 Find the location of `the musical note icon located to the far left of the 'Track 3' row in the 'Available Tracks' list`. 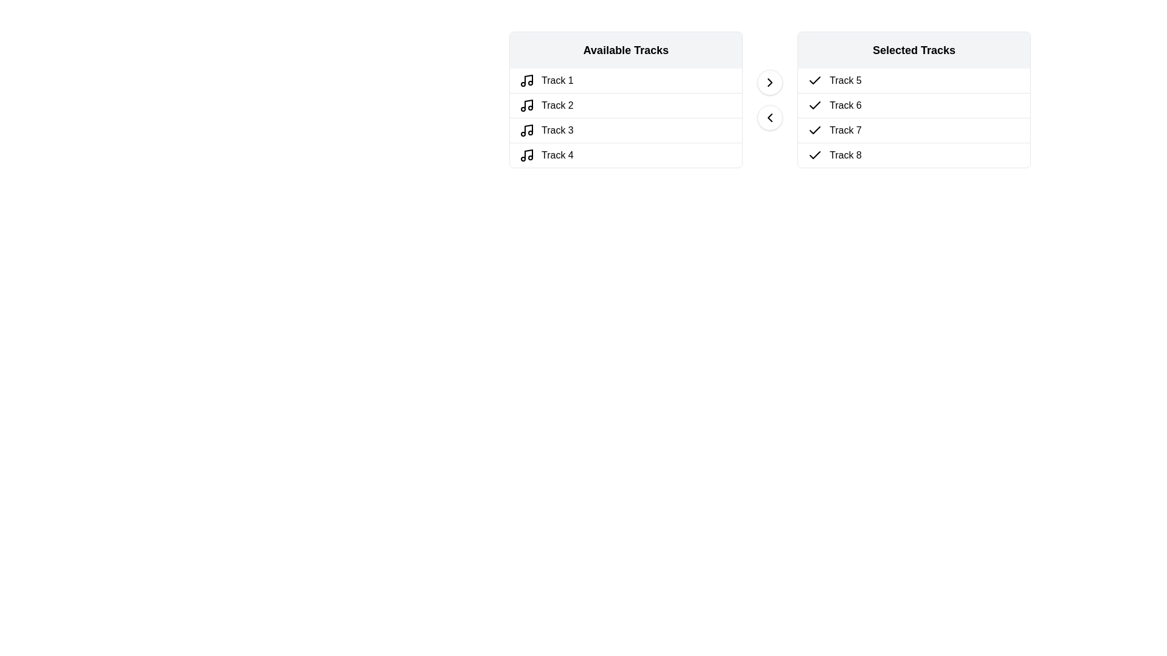

the musical note icon located to the far left of the 'Track 3' row in the 'Available Tracks' list is located at coordinates (527, 131).